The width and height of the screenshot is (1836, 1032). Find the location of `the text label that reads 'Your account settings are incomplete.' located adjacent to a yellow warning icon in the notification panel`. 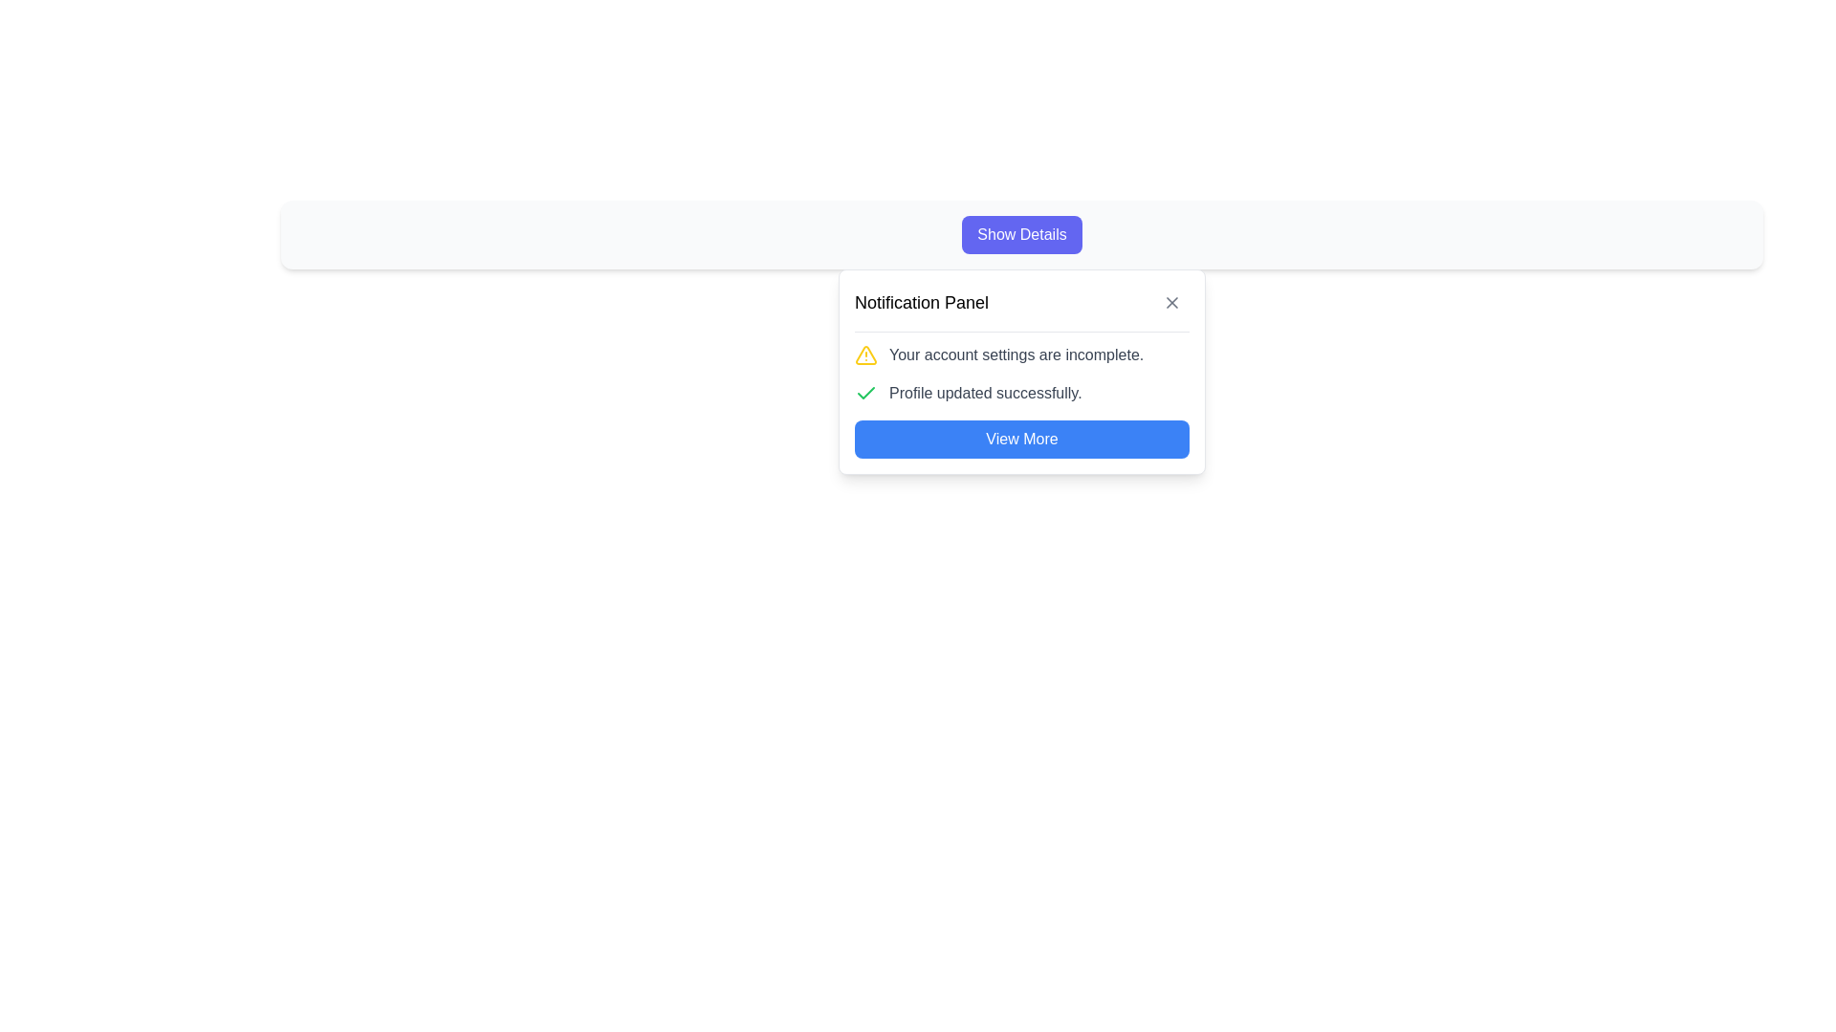

the text label that reads 'Your account settings are incomplete.' located adjacent to a yellow warning icon in the notification panel is located at coordinates (1016, 355).